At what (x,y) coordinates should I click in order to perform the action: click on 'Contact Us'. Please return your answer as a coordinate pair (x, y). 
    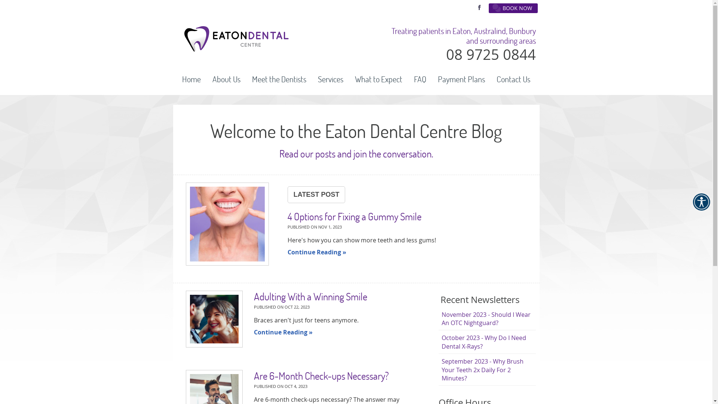
    Looking at the image, I should click on (513, 79).